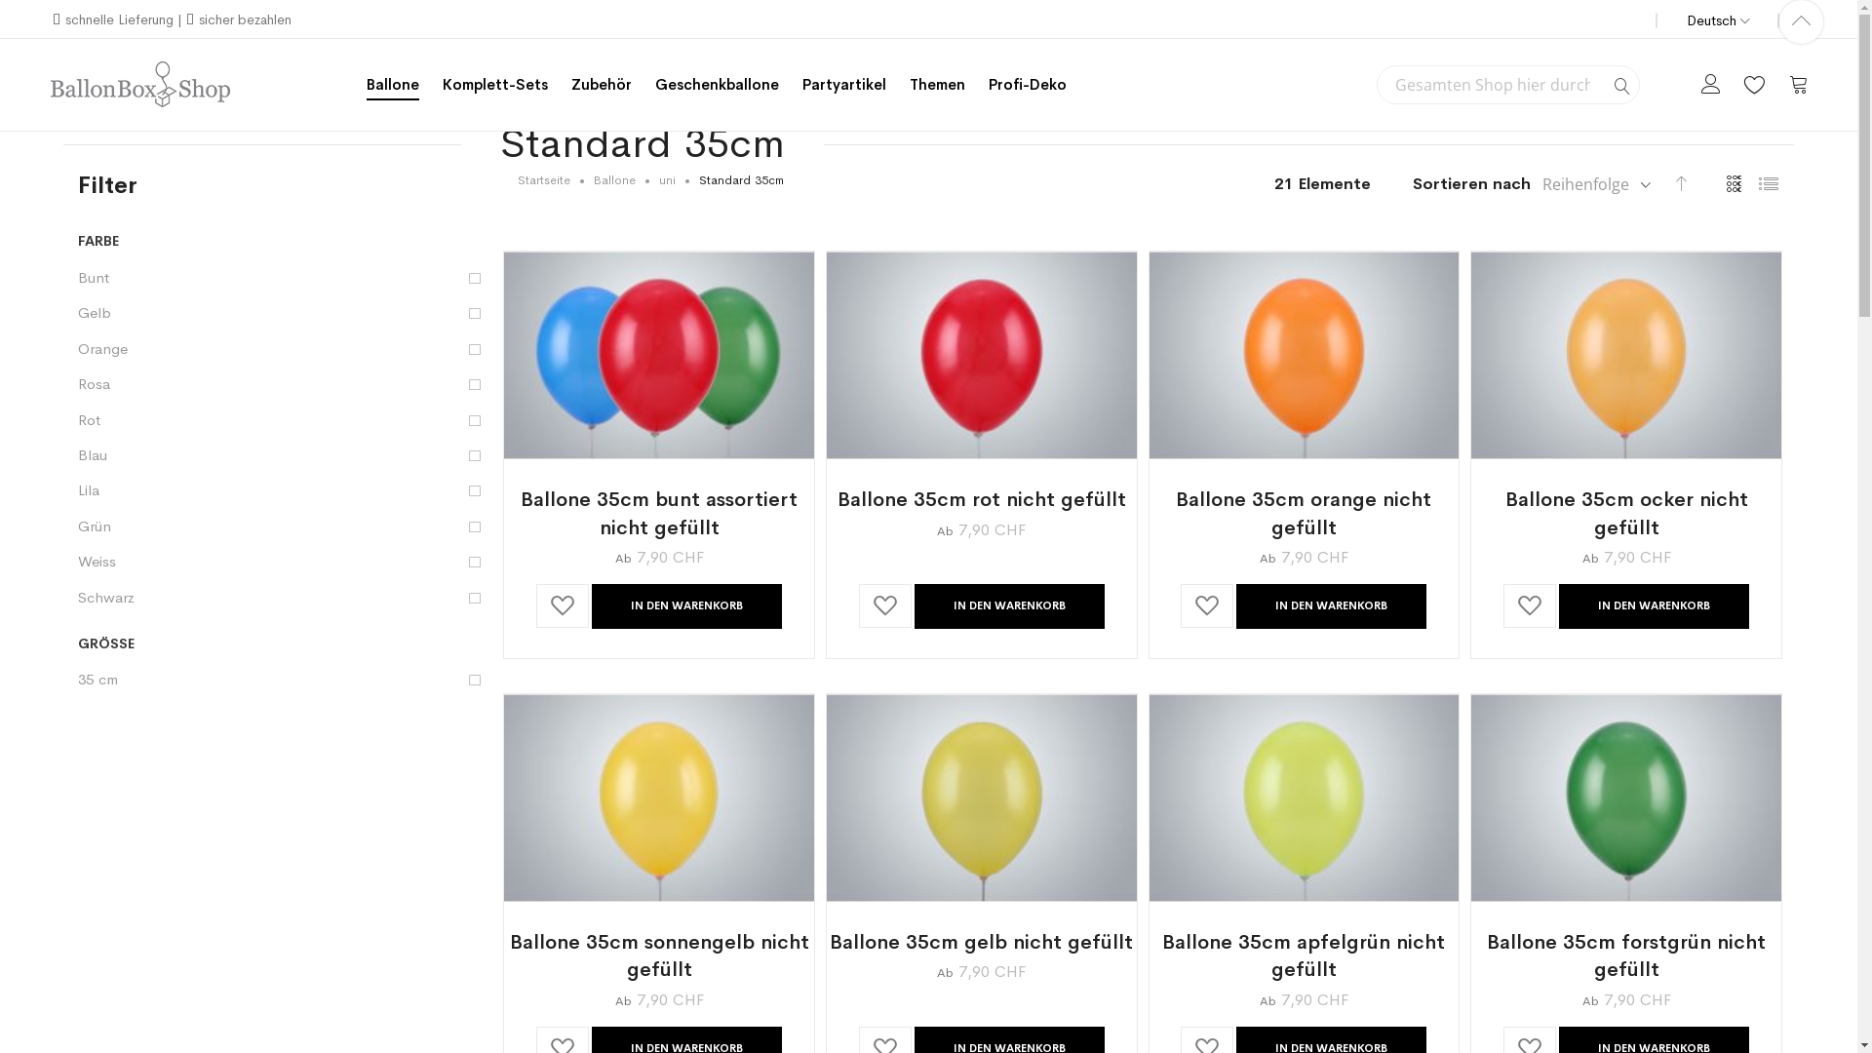 The width and height of the screenshot is (1872, 1053). Describe the element at coordinates (48, 84) in the screenshot. I see `'Ballon Box'` at that location.